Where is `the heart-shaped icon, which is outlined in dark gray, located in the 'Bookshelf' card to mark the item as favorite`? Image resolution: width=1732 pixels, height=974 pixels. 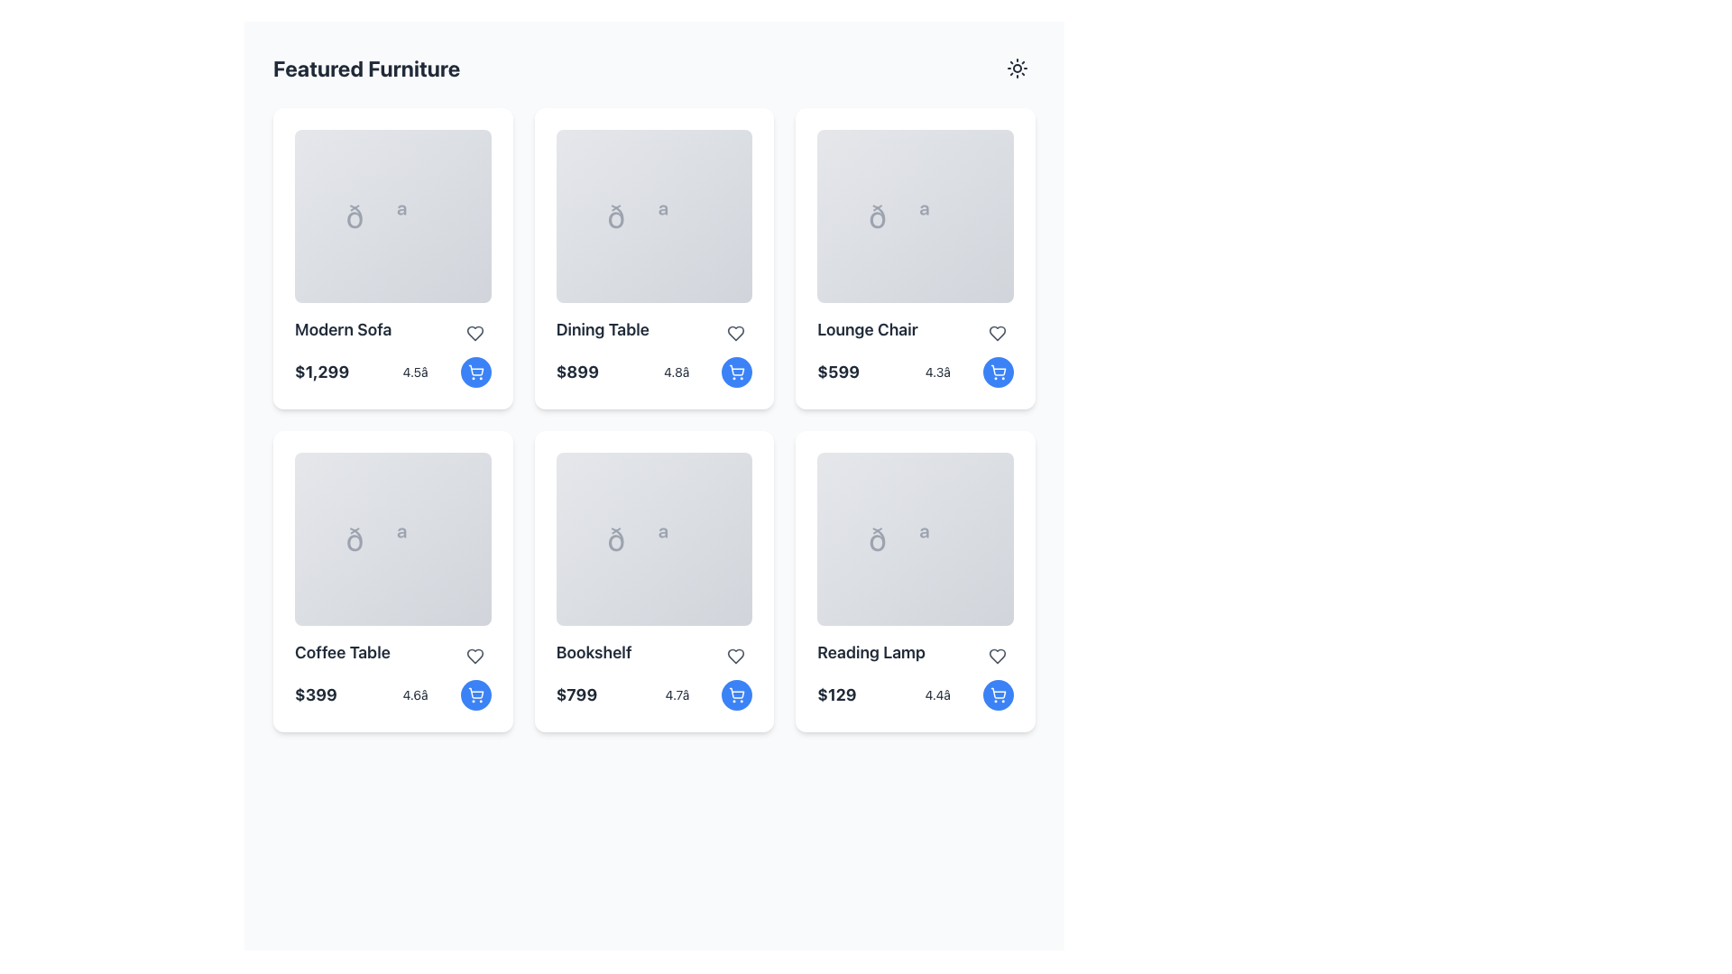
the heart-shaped icon, which is outlined in dark gray, located in the 'Bookshelf' card to mark the item as favorite is located at coordinates (736, 657).